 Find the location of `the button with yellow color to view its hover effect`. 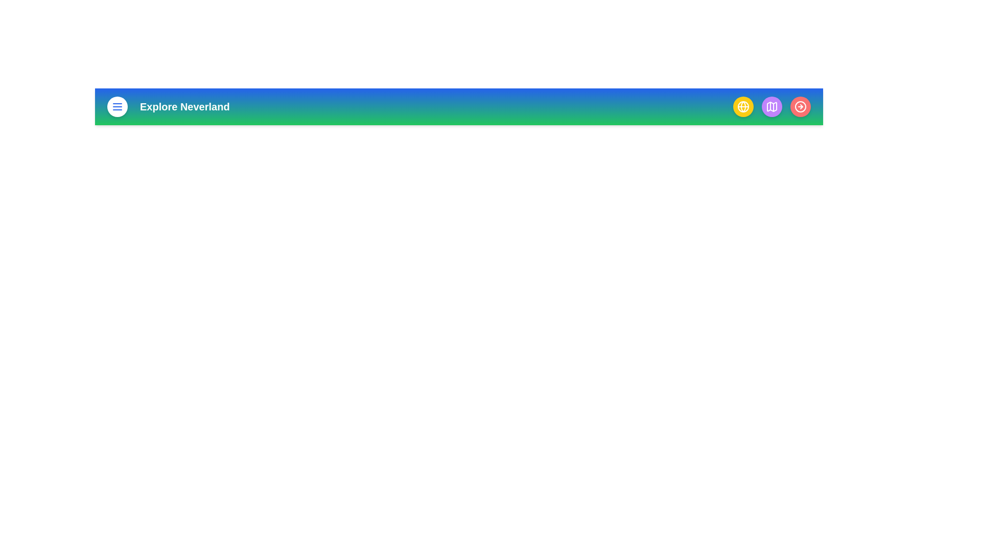

the button with yellow color to view its hover effect is located at coordinates (743, 106).